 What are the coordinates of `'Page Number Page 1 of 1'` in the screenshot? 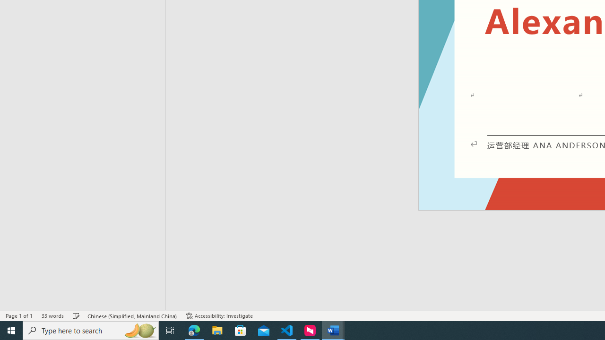 It's located at (19, 316).